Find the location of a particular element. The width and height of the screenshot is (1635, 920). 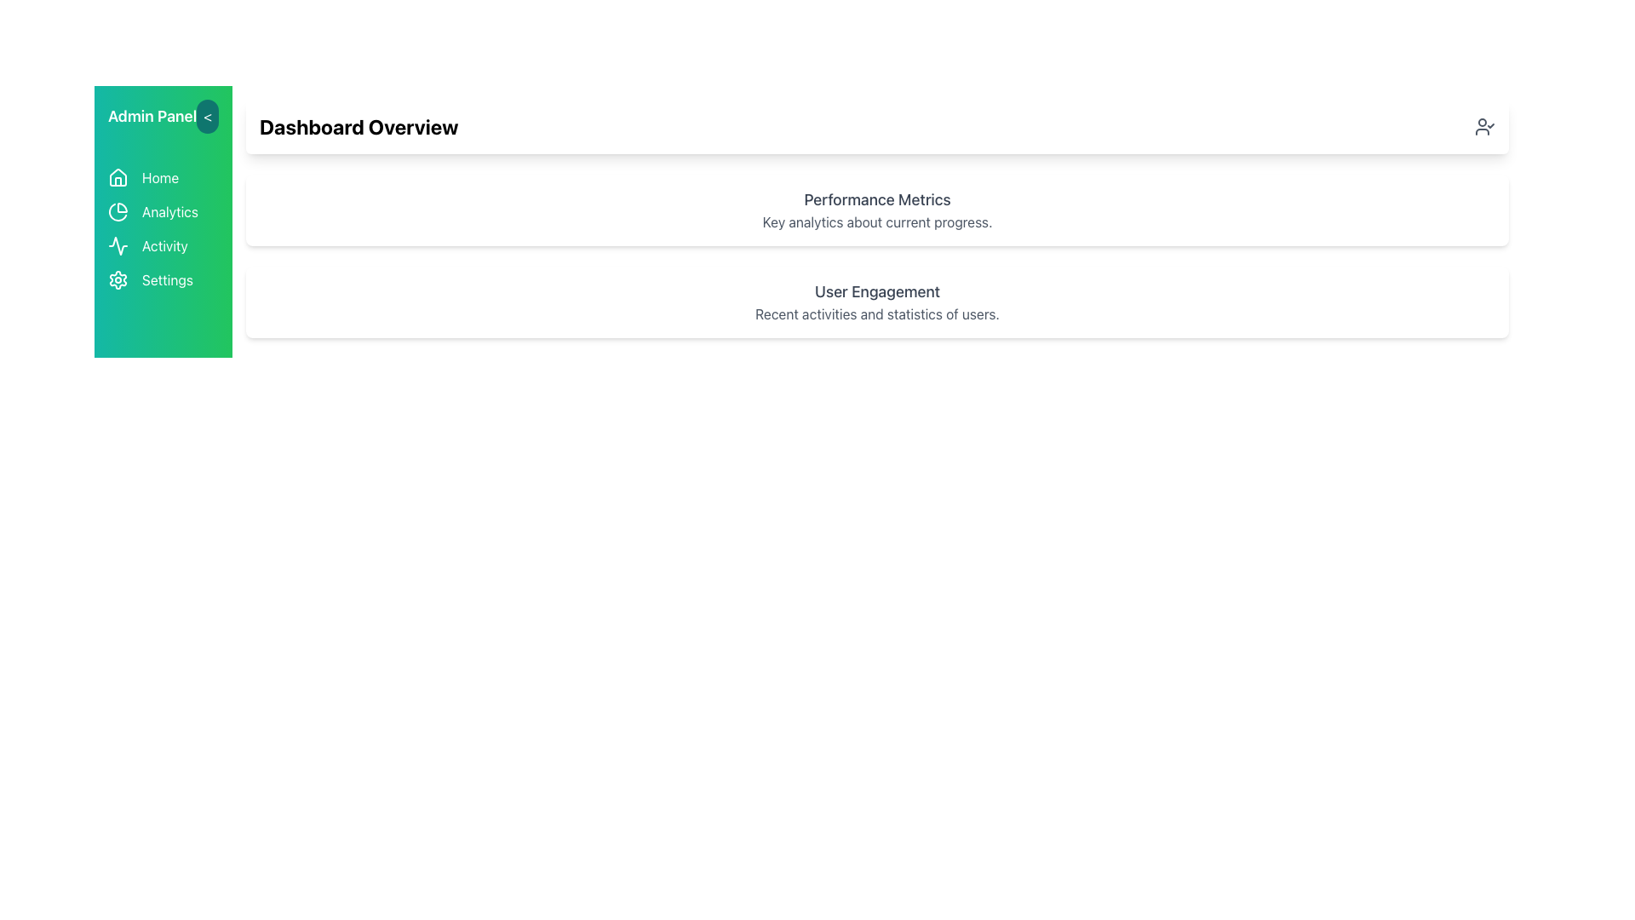

the 'Settings' Text Label in the sidebar menu is located at coordinates (167, 279).